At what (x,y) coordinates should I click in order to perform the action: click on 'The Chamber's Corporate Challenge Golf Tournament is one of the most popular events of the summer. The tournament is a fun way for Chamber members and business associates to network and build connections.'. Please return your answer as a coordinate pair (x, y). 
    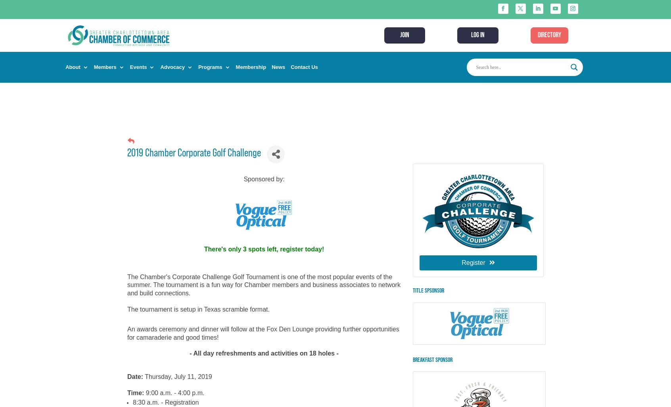
    Looking at the image, I should click on (263, 284).